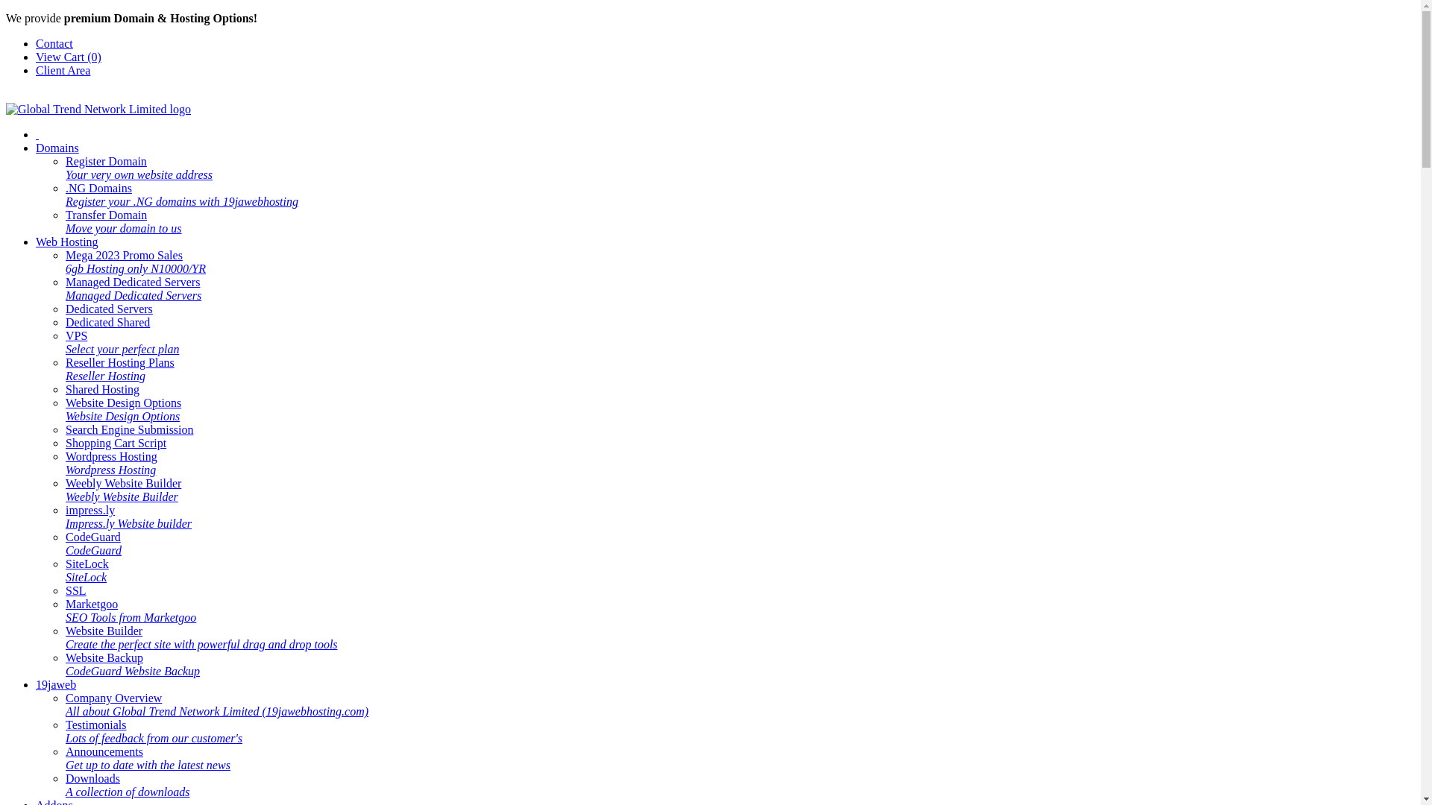 The image size is (1432, 805). I want to click on 'Domains', so click(57, 148).